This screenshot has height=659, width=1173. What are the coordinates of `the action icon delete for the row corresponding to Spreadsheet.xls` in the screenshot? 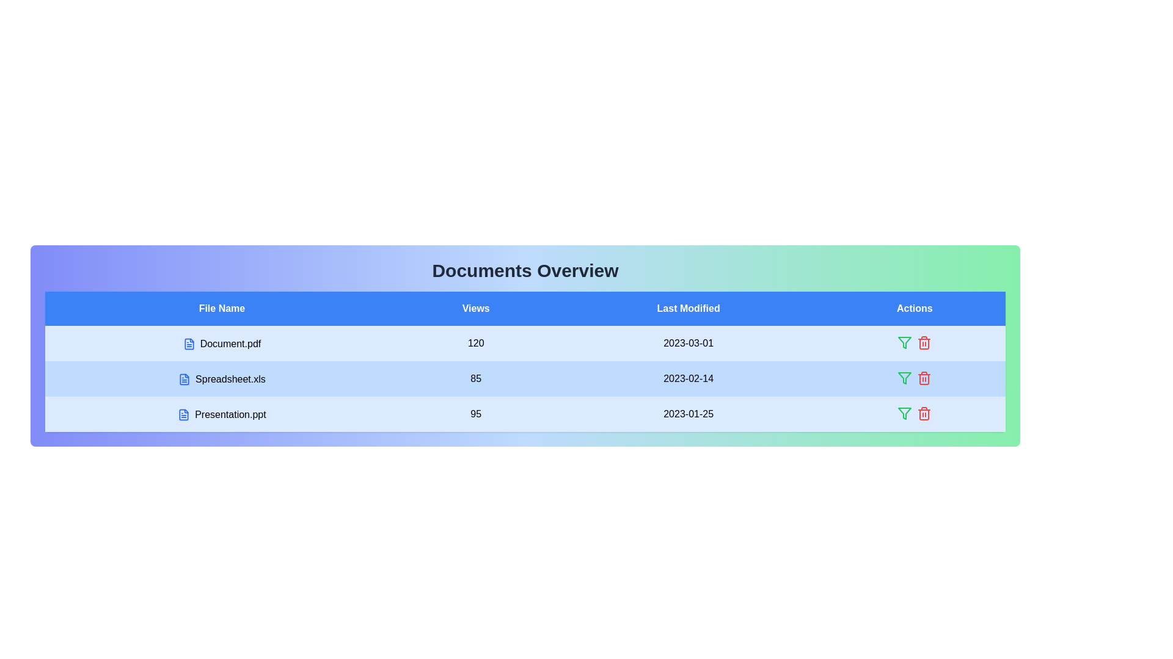 It's located at (924, 378).